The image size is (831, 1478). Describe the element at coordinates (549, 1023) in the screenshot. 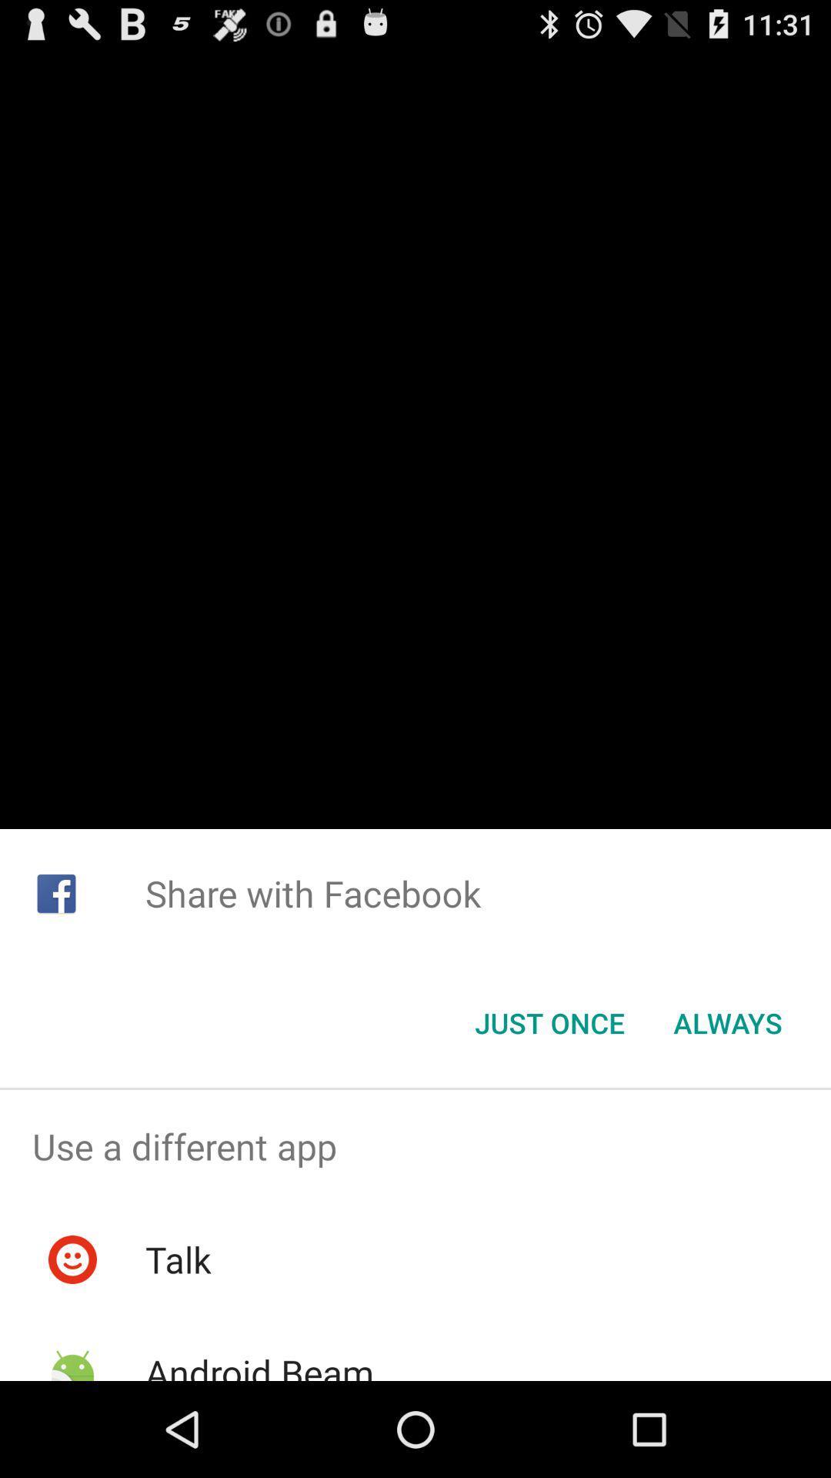

I see `just once icon` at that location.